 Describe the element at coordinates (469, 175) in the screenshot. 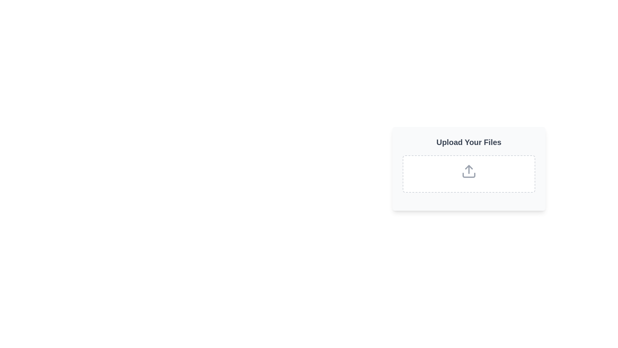

I see `the horizontal line with rounded ends at the bottom of the SVG icon in the file upload widget` at that location.